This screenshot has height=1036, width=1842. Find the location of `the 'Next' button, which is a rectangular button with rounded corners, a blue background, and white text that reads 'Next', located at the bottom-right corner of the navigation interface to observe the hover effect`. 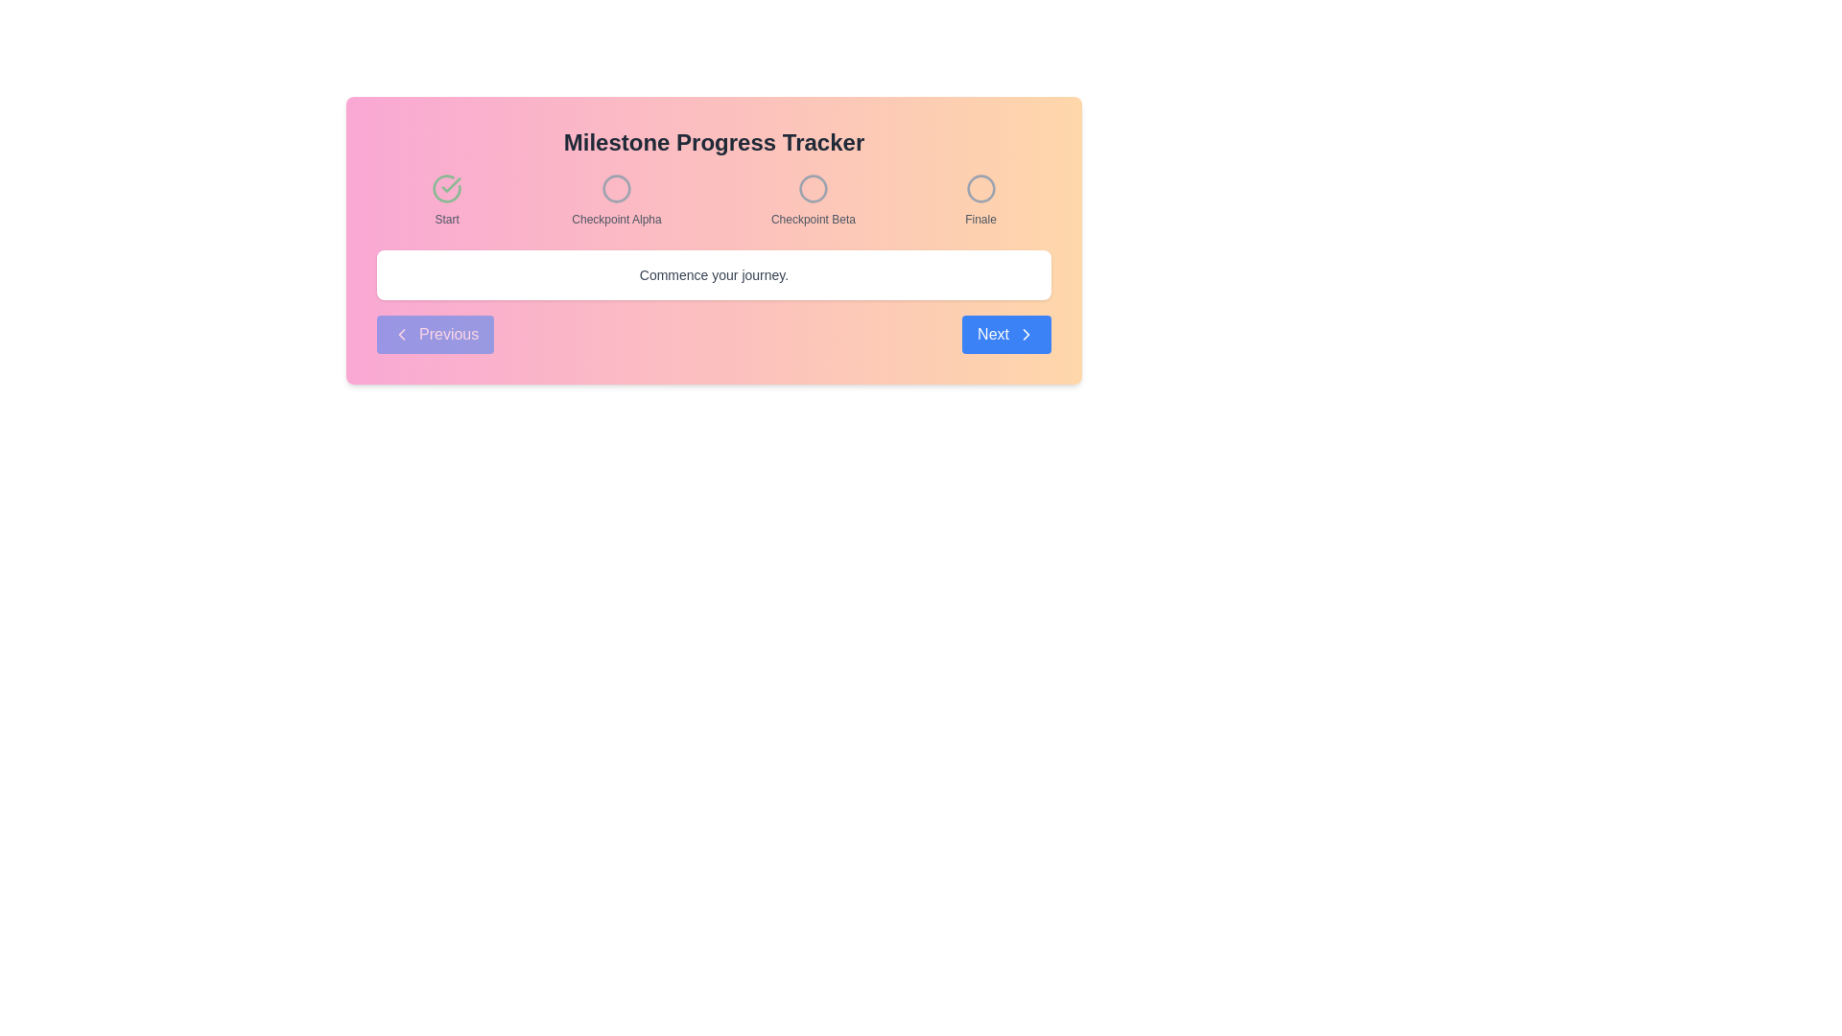

the 'Next' button, which is a rectangular button with rounded corners, a blue background, and white text that reads 'Next', located at the bottom-right corner of the navigation interface to observe the hover effect is located at coordinates (1005, 333).